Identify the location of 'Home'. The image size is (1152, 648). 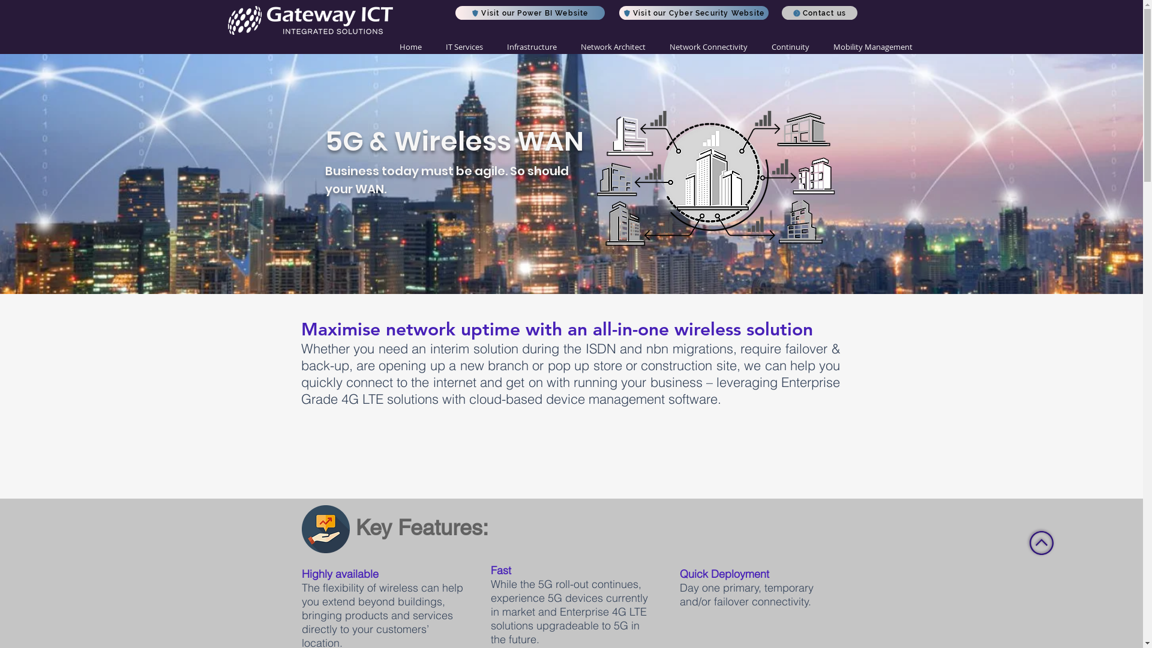
(410, 46).